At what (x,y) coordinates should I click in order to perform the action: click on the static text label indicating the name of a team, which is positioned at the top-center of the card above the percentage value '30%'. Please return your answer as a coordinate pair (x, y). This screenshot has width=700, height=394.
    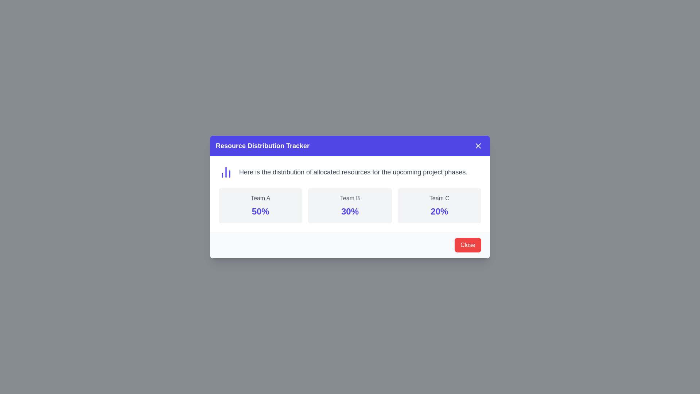
    Looking at the image, I should click on (350, 198).